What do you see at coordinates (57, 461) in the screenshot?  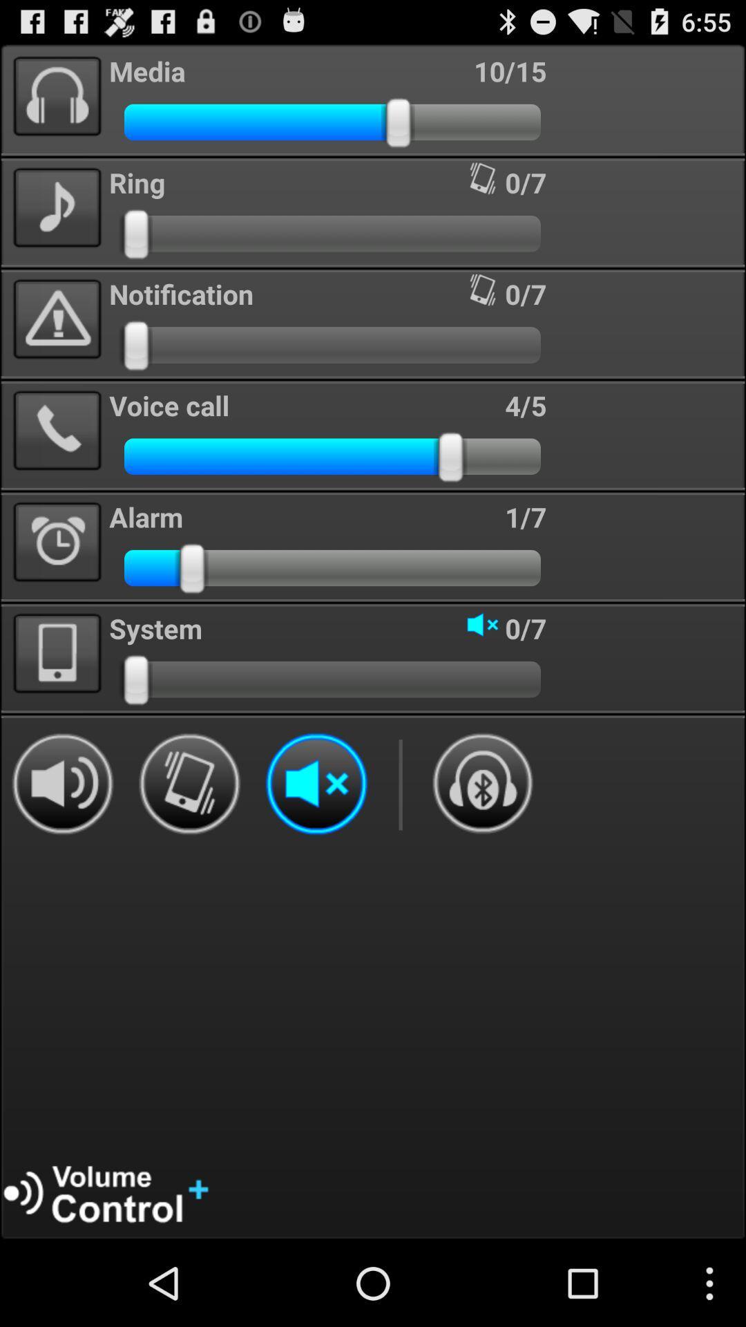 I see `the call icon` at bounding box center [57, 461].